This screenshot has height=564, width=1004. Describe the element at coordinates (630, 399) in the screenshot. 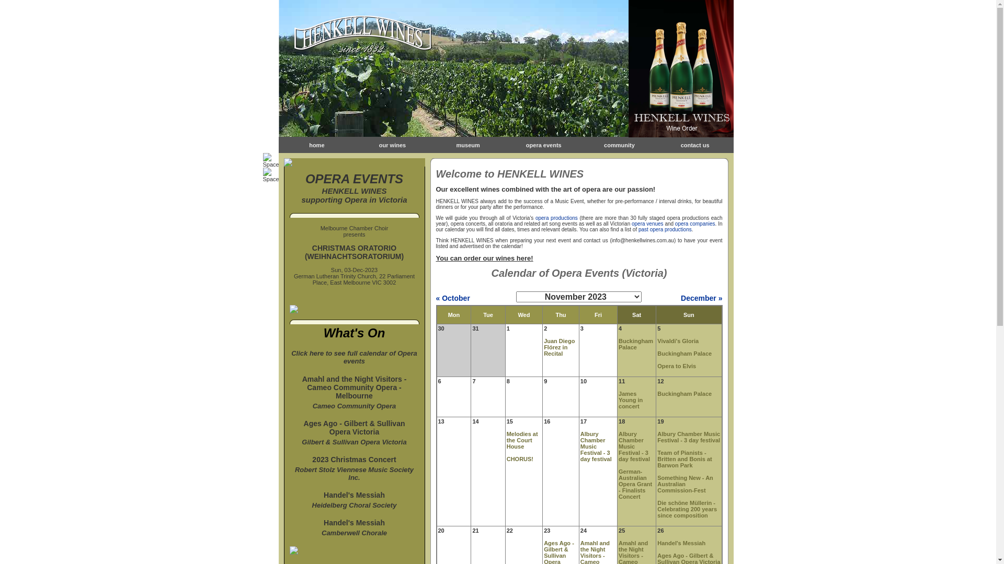

I see `'James Young in concert'` at that location.